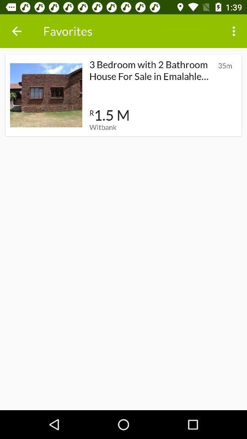 Image resolution: width=247 pixels, height=439 pixels. Describe the element at coordinates (235, 31) in the screenshot. I see `the icon to the right of favorites item` at that location.